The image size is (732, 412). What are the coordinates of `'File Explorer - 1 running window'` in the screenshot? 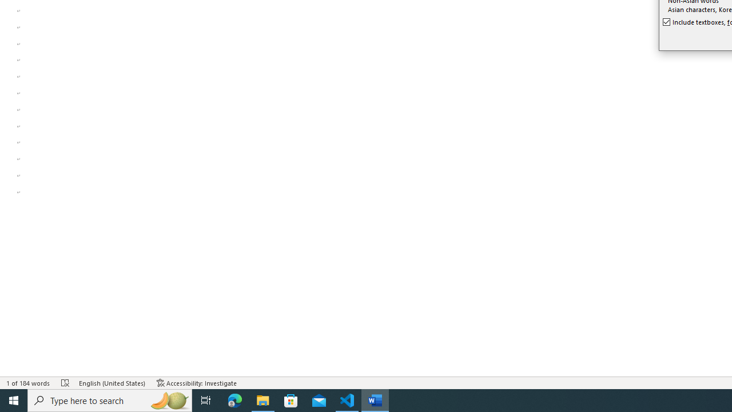 It's located at (262, 399).